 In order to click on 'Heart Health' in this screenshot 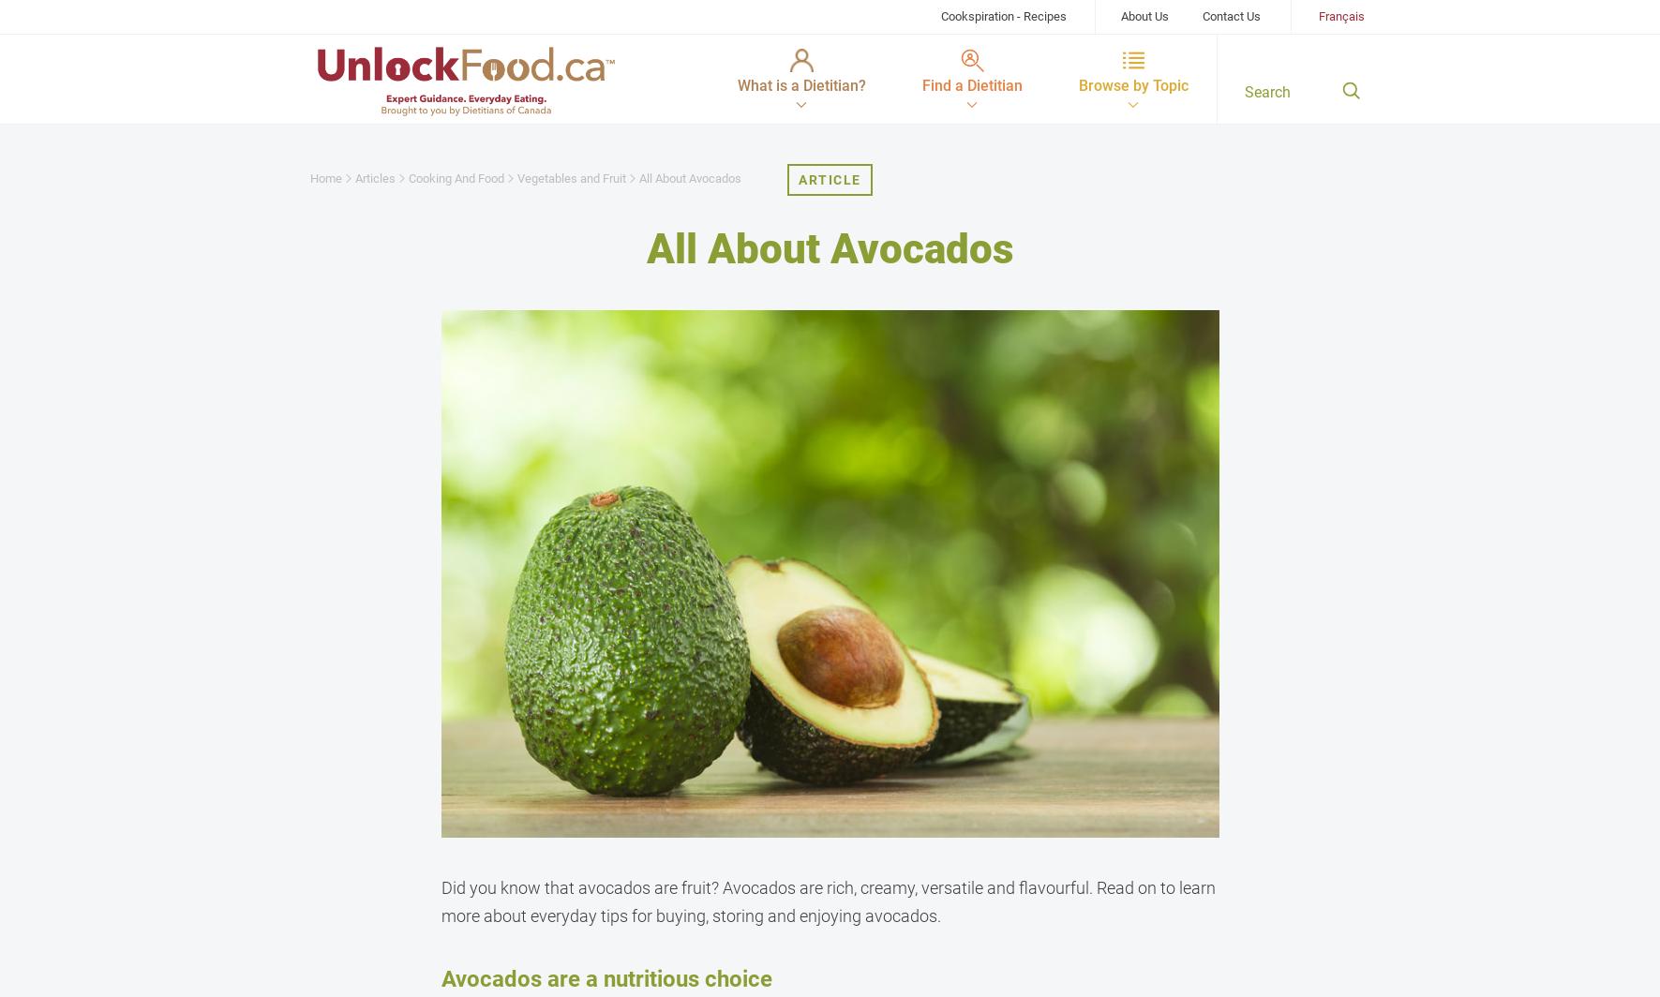, I will do `click(374, 335)`.